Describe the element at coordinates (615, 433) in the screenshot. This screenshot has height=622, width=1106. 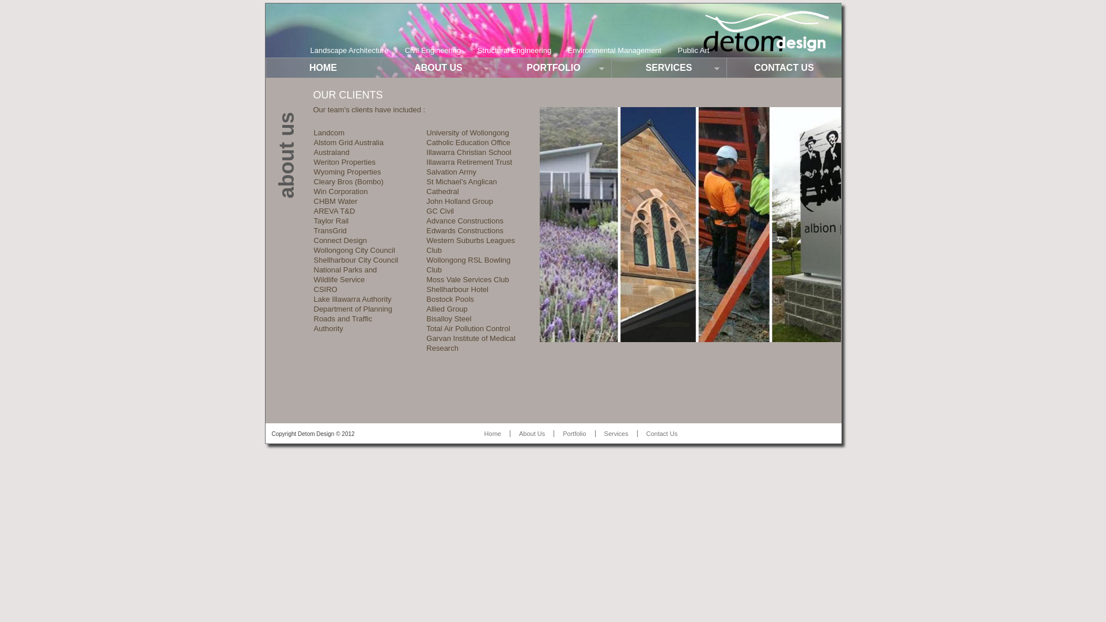
I see `'Services'` at that location.